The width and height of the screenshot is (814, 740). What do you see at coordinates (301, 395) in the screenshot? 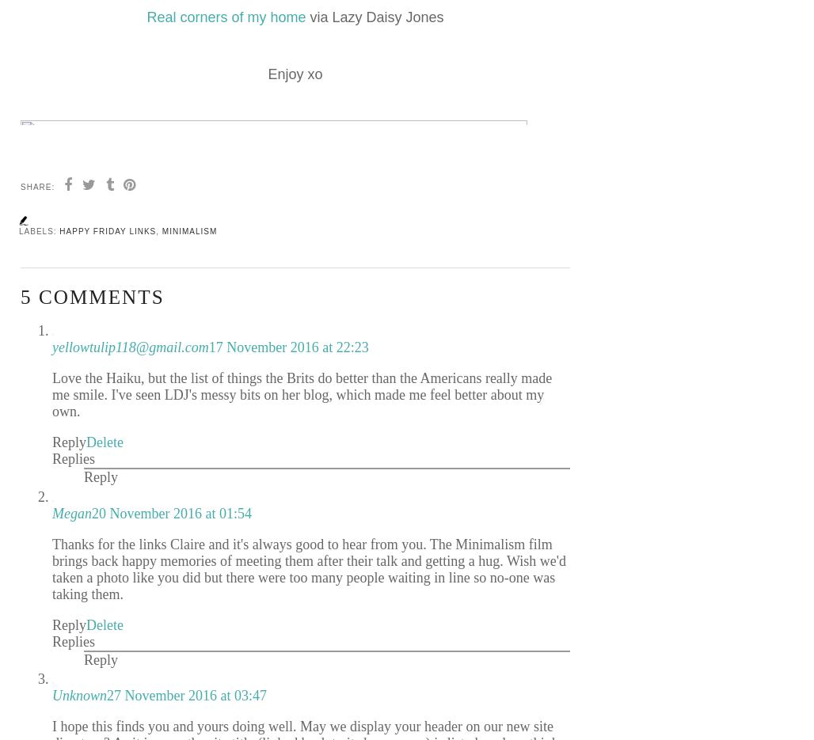
I see `'Love the Haiku, but the list of things the Brits do better than the Americans really made me smile. I've seen LDJ's messy bits on her blog, which made me feel better about my own.'` at bounding box center [301, 395].